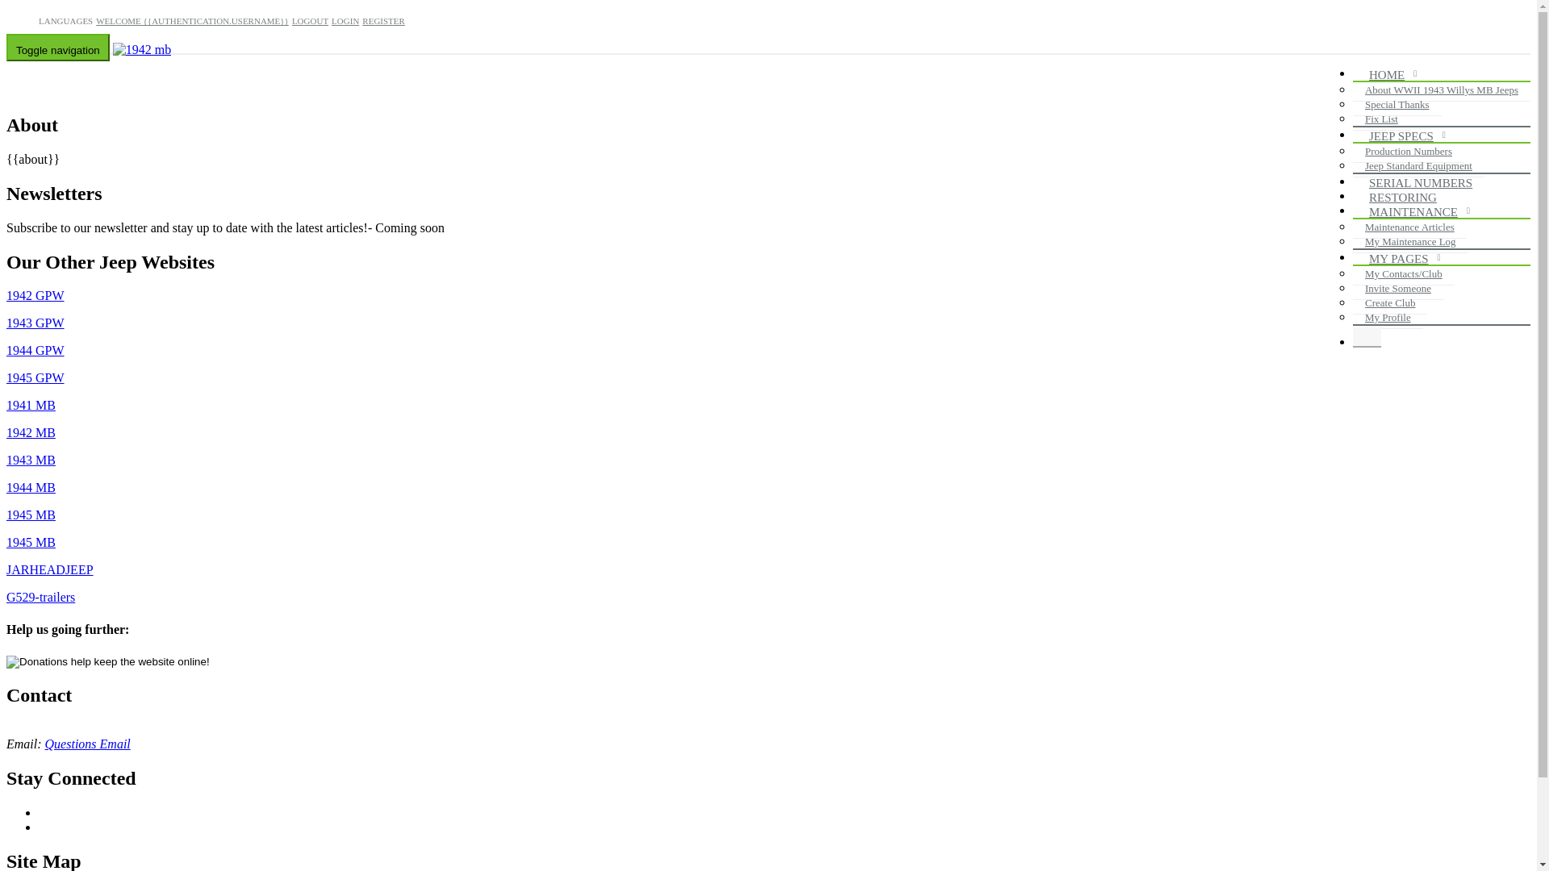 This screenshot has height=871, width=1549. I want to click on 'LANGUAGES', so click(65, 21).